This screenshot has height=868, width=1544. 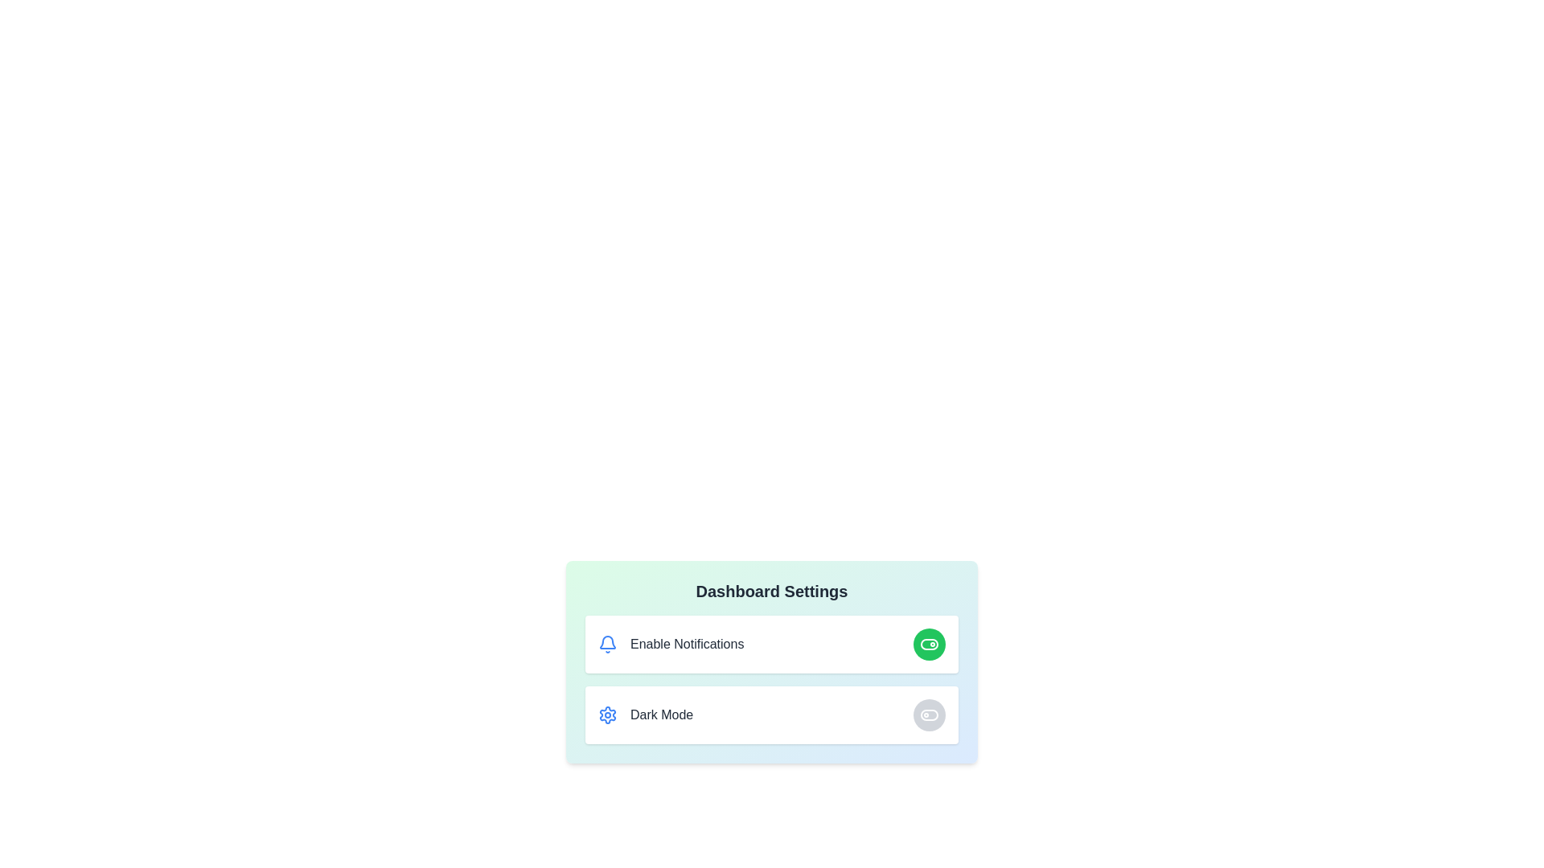 What do you see at coordinates (930, 714) in the screenshot?
I see `the toggle switch for 'Dark Mode' to switch modes` at bounding box center [930, 714].